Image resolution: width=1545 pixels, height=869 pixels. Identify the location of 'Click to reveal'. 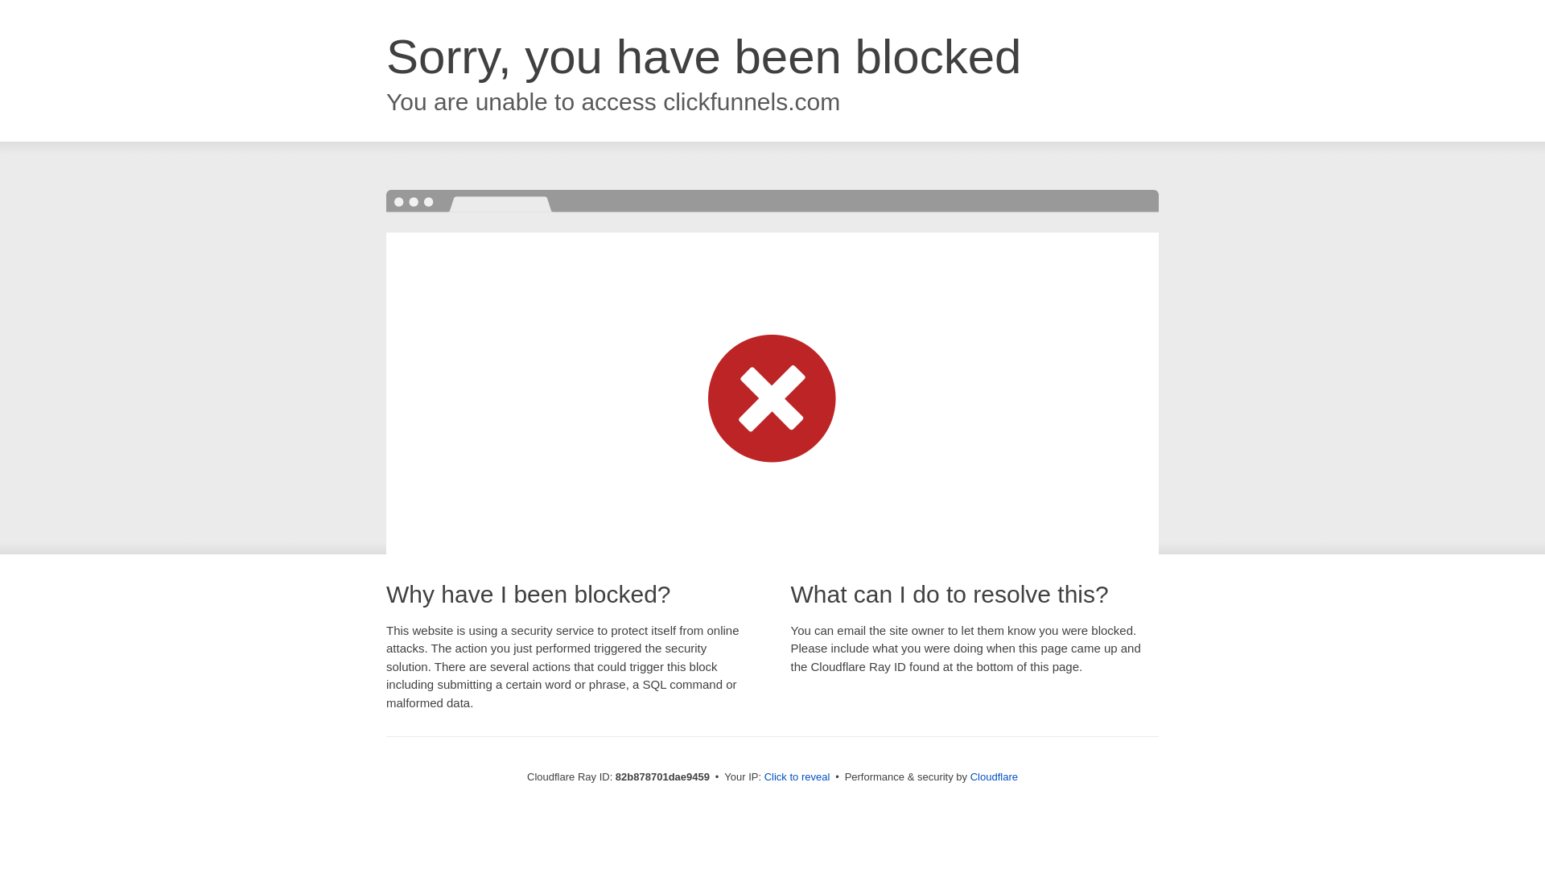
(797, 776).